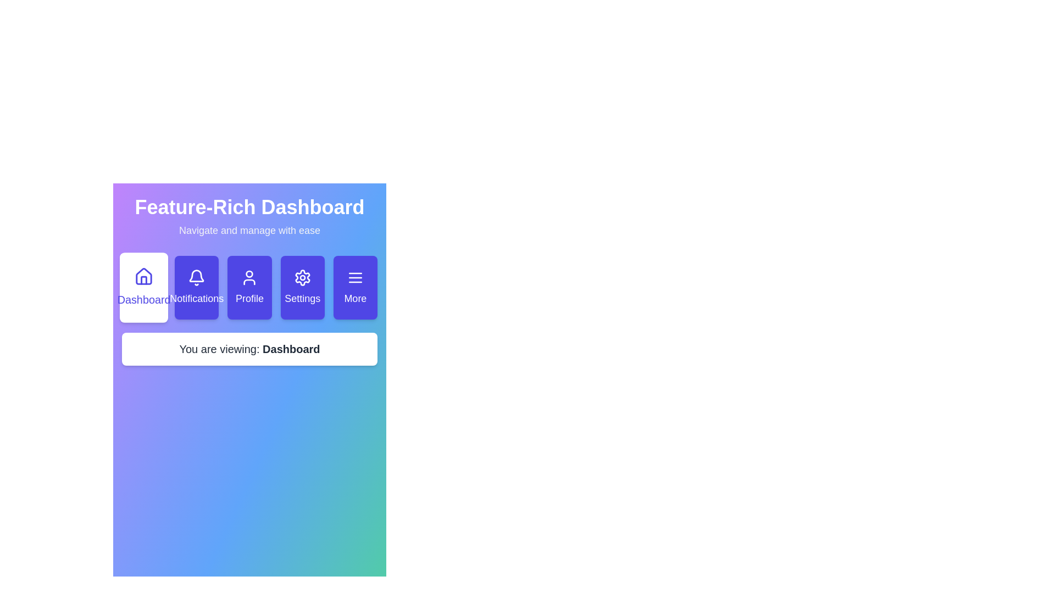  I want to click on the doorway detail of the house icon located in the top center of the interface, which is part of a navigation bar containing other icons like Notifications, Profile, Settings, and More, so click(143, 279).